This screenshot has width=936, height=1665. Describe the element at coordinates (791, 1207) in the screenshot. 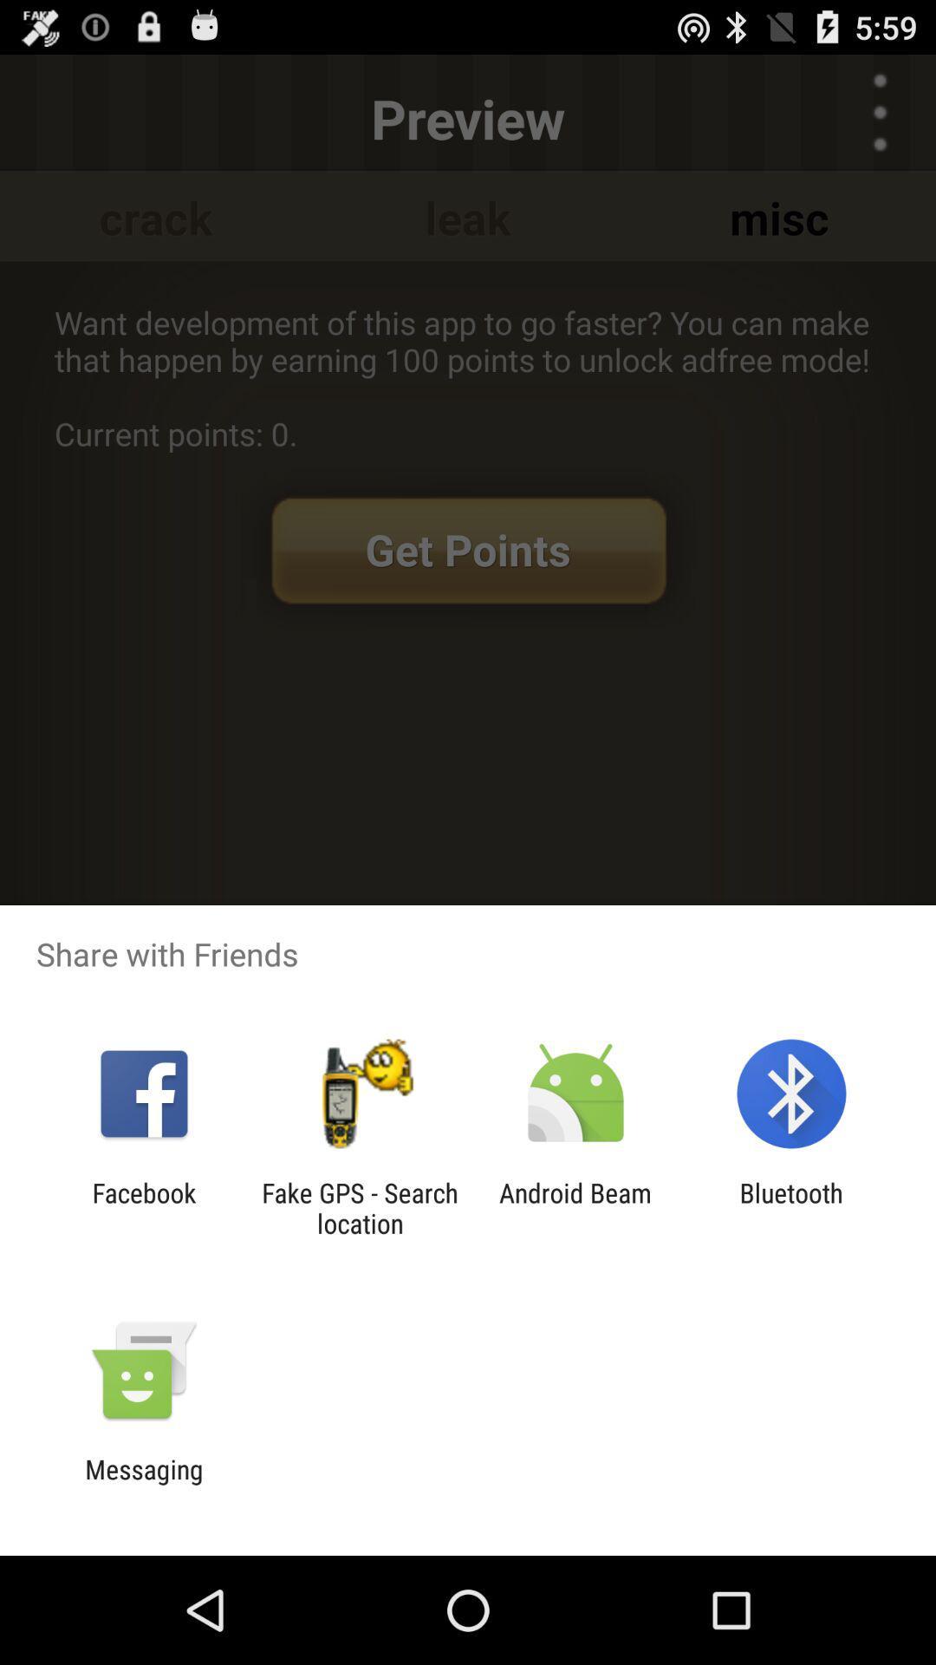

I see `the icon next to android beam app` at that location.